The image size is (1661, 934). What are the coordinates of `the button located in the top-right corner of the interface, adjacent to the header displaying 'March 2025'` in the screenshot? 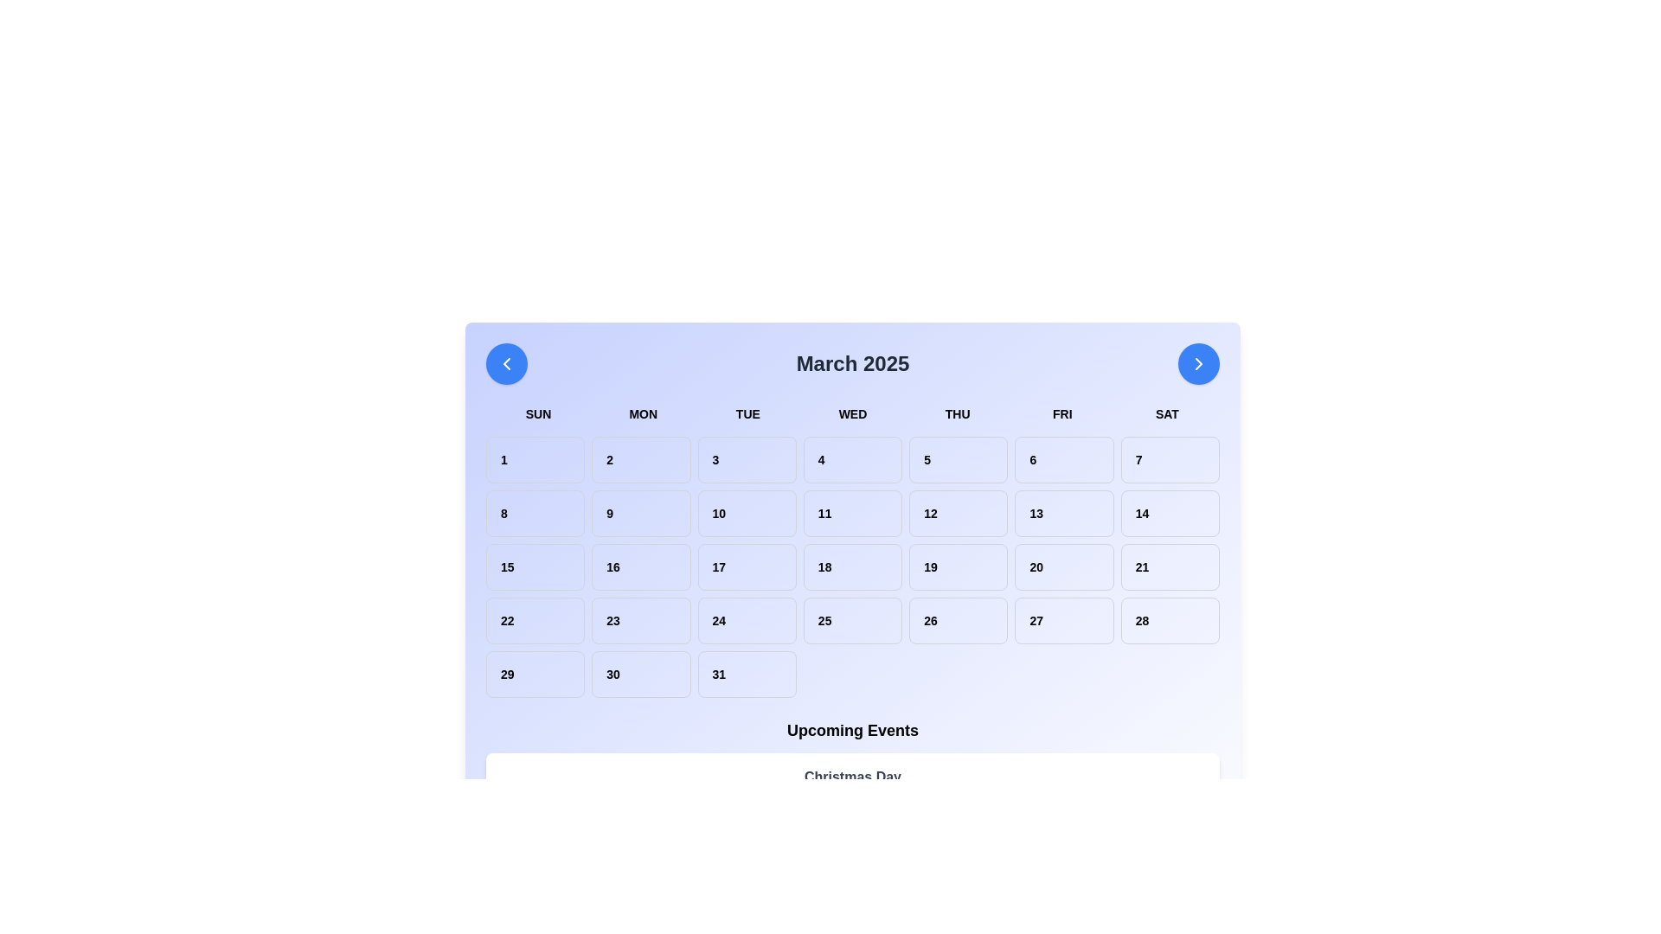 It's located at (1198, 362).